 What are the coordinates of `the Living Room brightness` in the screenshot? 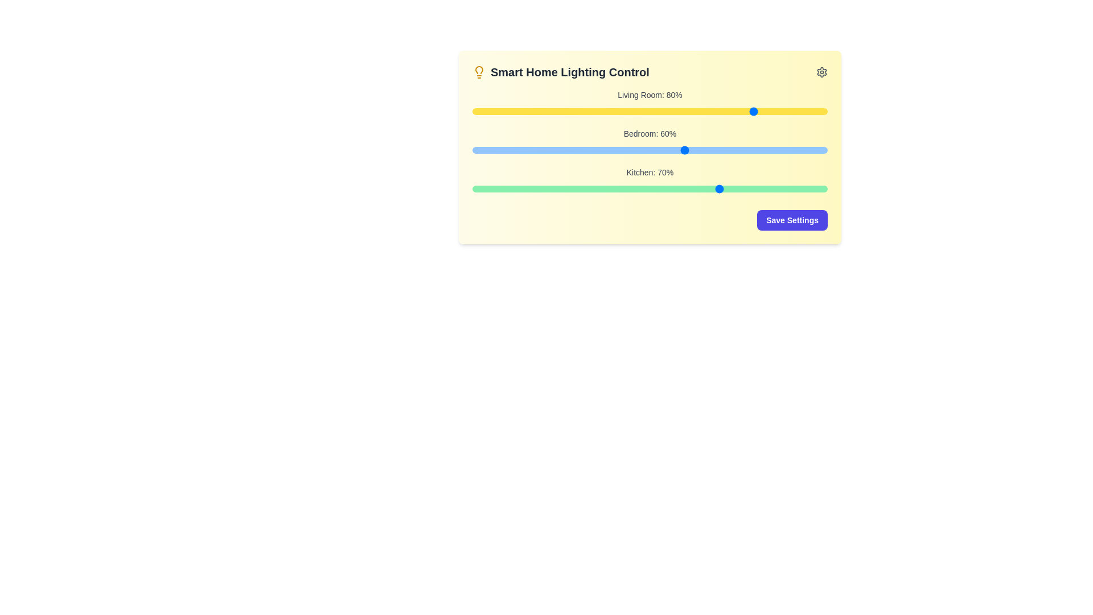 It's located at (813, 112).